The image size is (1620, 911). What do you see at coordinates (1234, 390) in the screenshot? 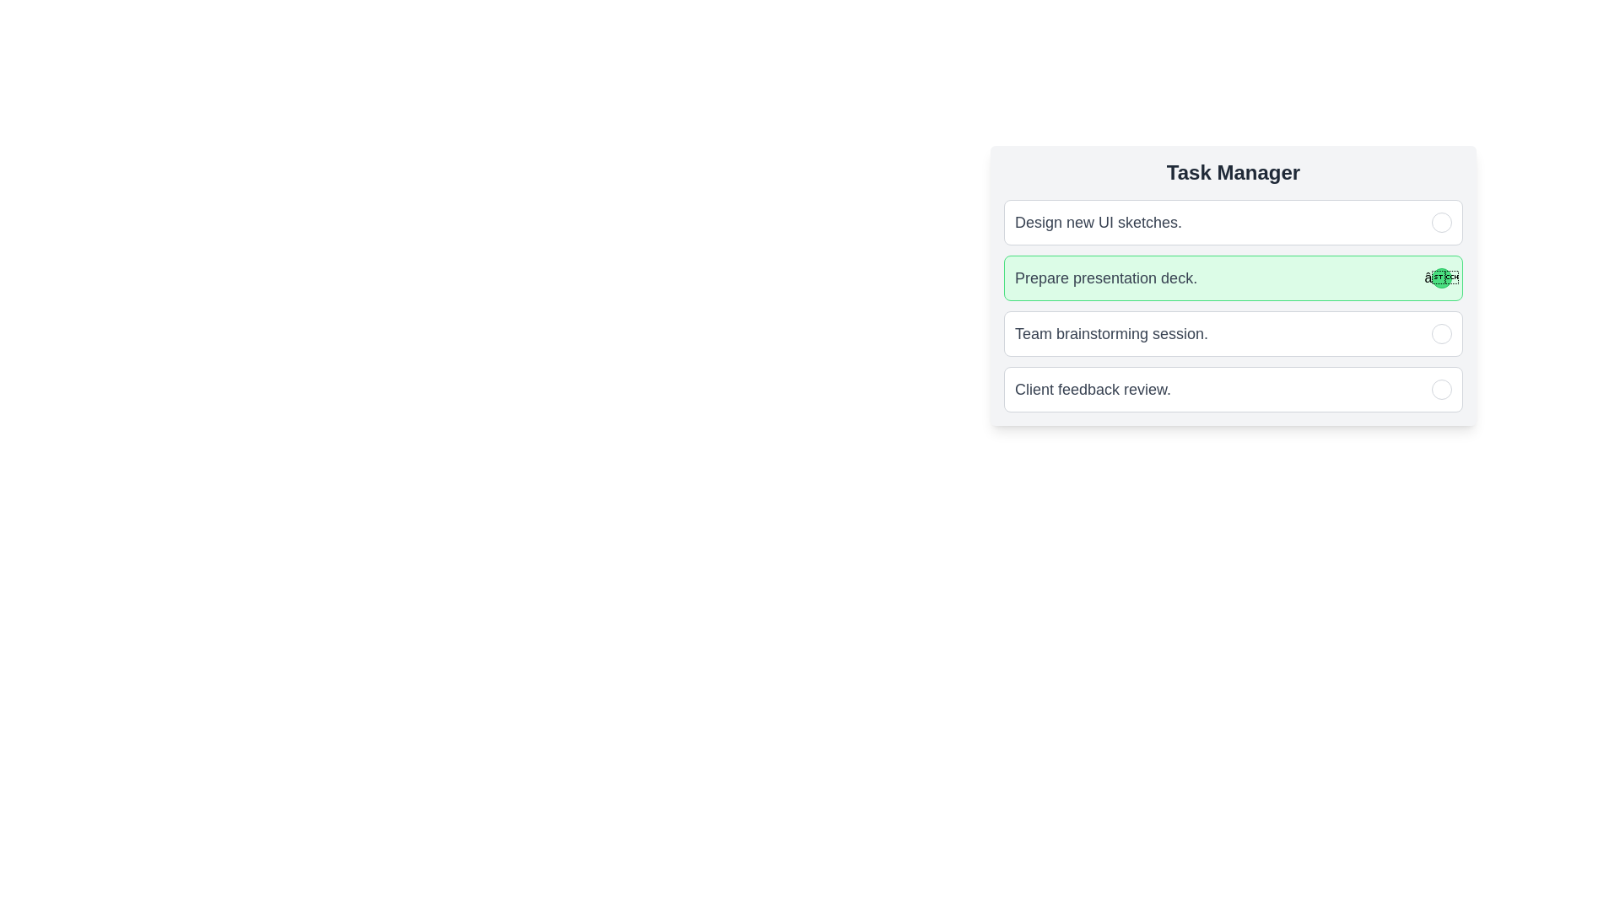
I see `the list item titled 'Client feedback review.' in the Task Manager` at bounding box center [1234, 390].